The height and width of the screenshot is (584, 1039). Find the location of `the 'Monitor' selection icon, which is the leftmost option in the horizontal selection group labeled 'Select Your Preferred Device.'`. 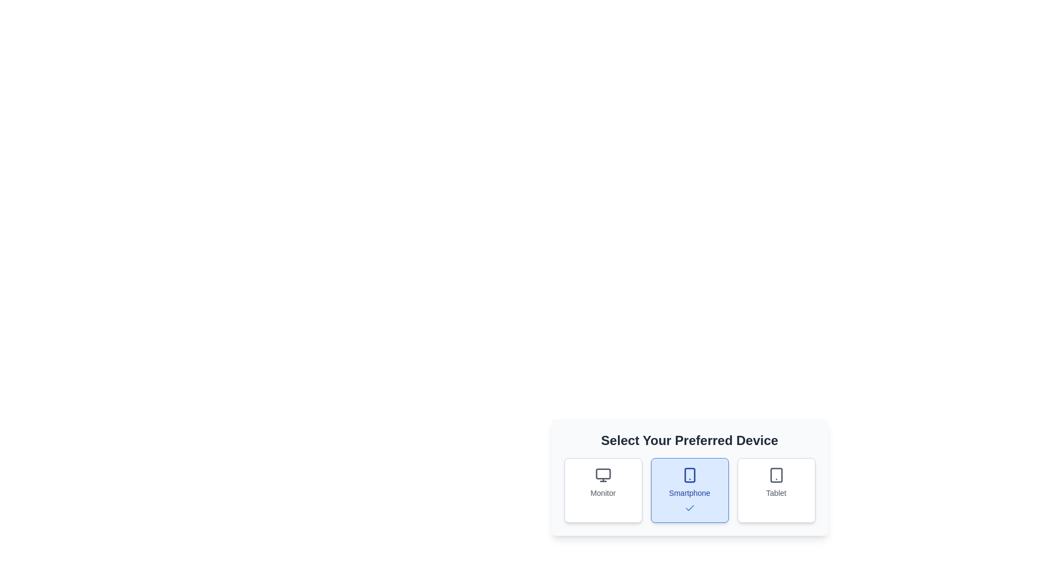

the 'Monitor' selection icon, which is the leftmost option in the horizontal selection group labeled 'Select Your Preferred Device.' is located at coordinates (602, 475).